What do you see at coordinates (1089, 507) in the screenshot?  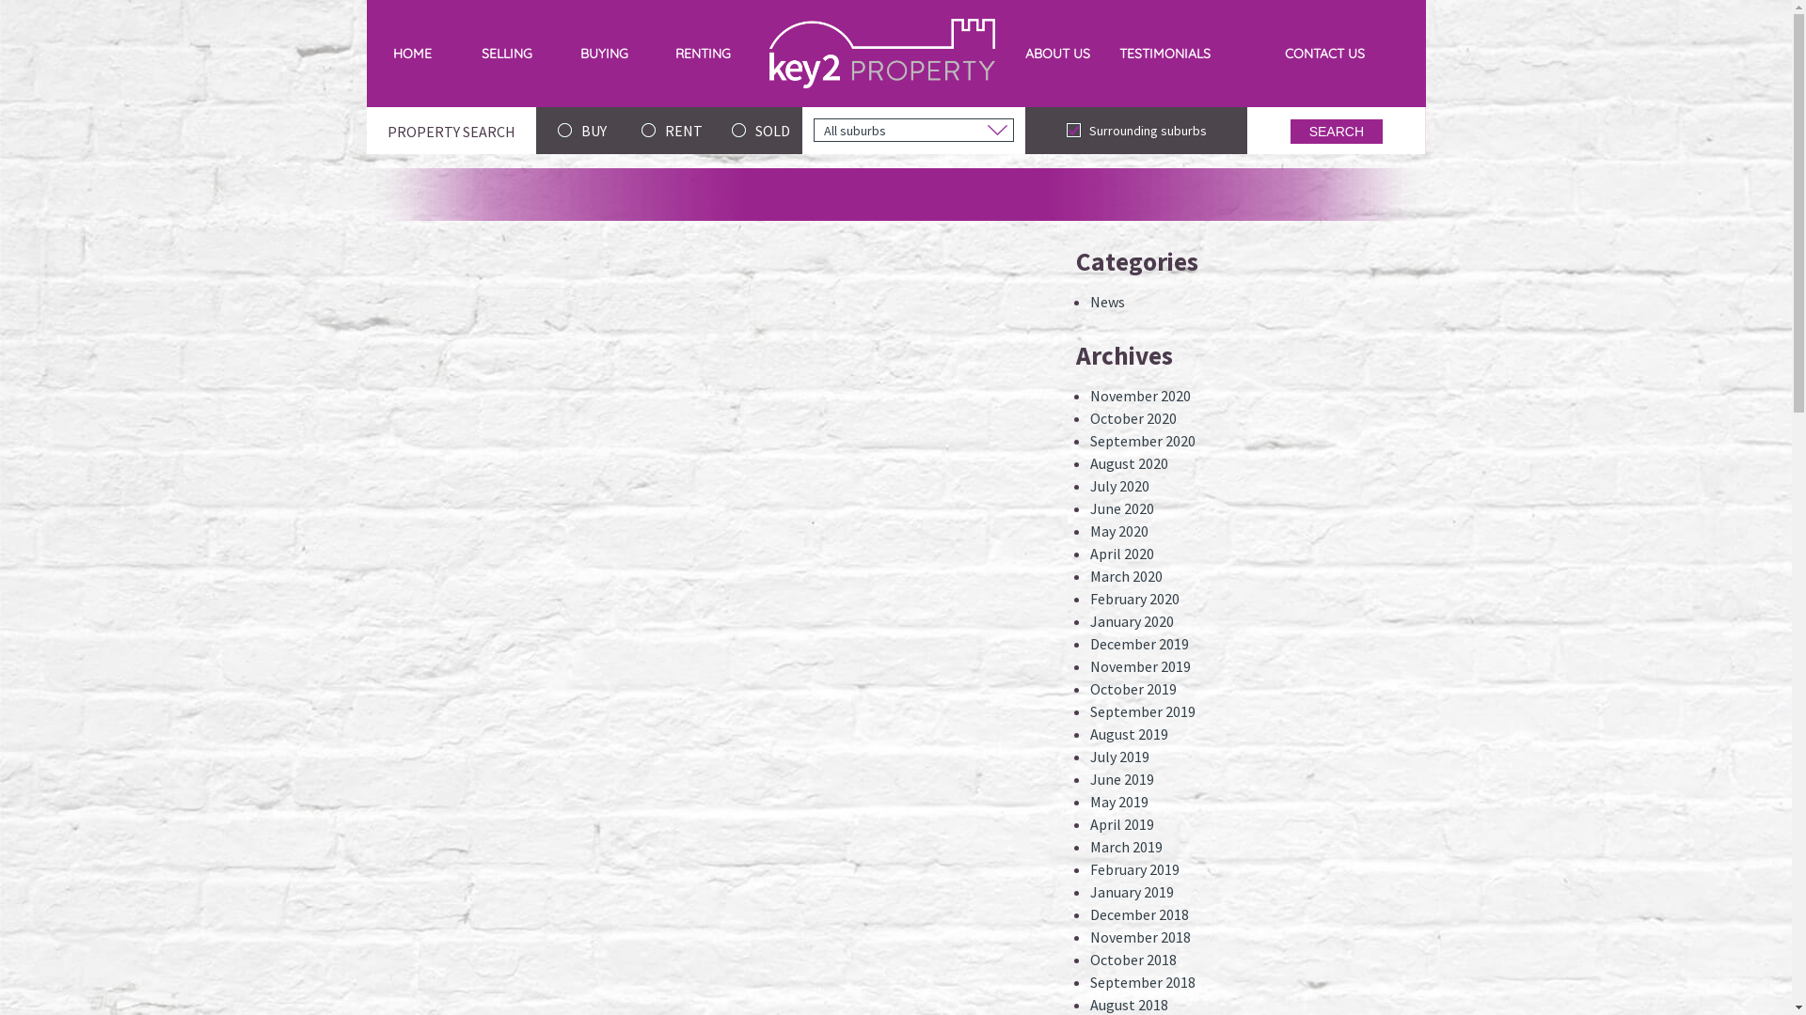 I see `'June 2020'` at bounding box center [1089, 507].